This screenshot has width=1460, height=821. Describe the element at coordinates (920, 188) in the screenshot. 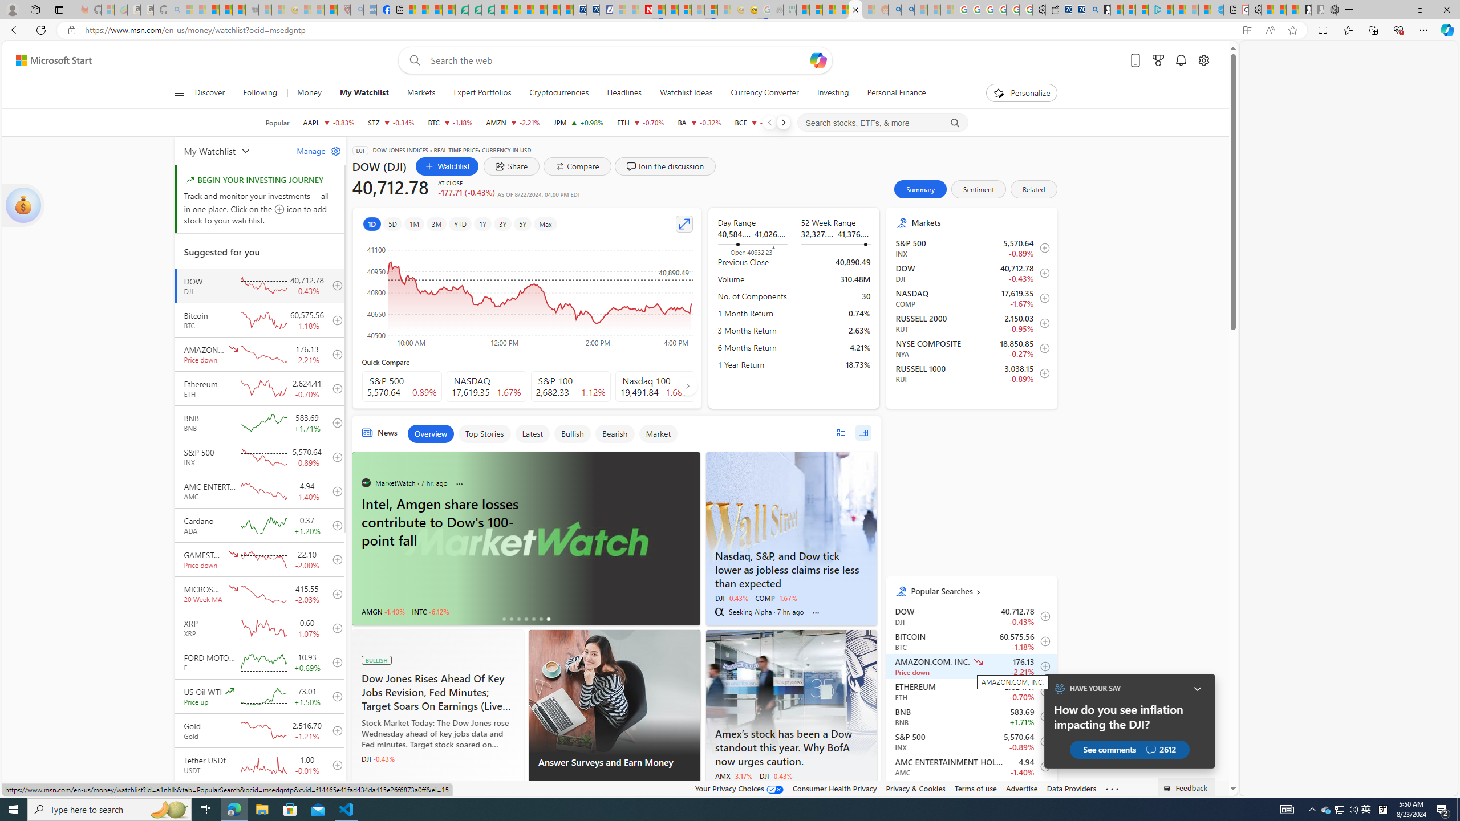

I see `'Summary'` at that location.